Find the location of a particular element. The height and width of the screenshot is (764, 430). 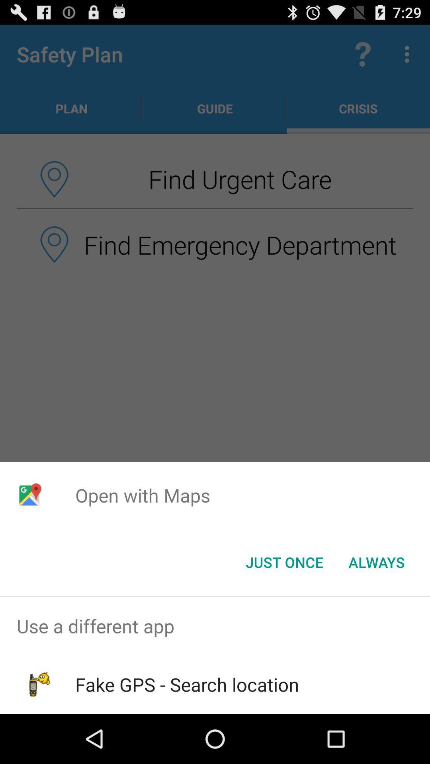

the icon at the bottom right corner is located at coordinates (376, 561).